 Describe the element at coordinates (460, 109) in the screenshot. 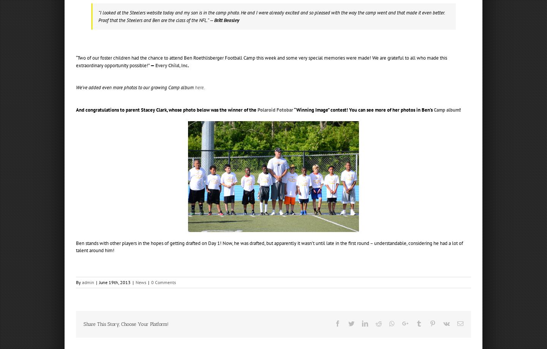

I see `'!'` at that location.